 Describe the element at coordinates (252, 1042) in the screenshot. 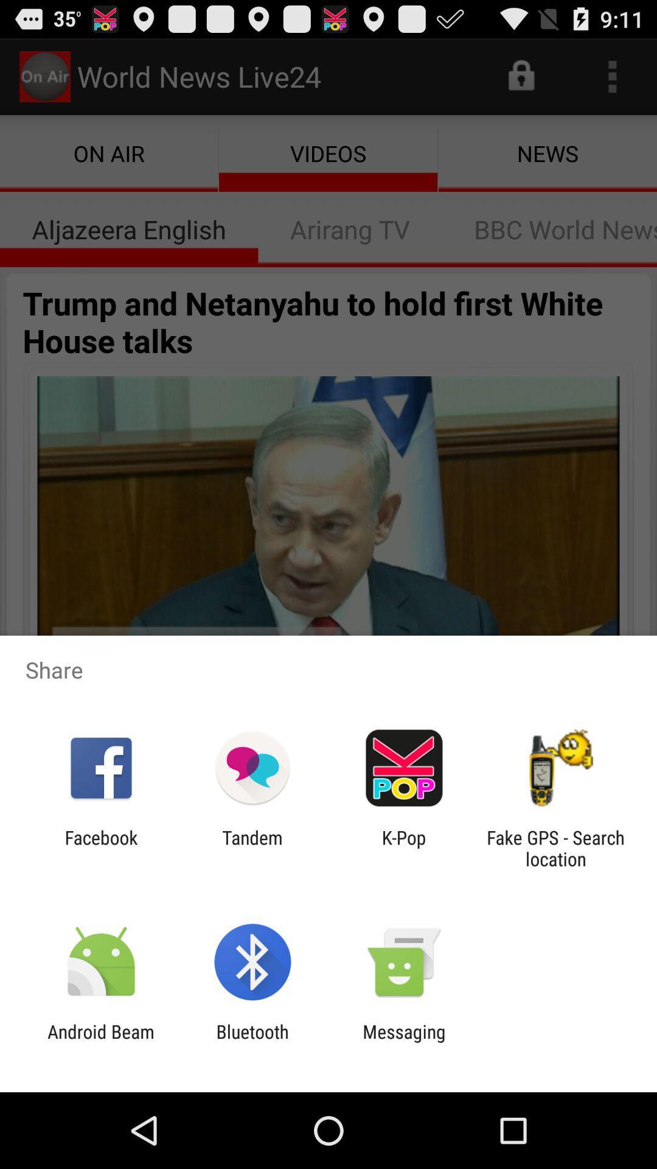

I see `icon to the left of the messaging icon` at that location.